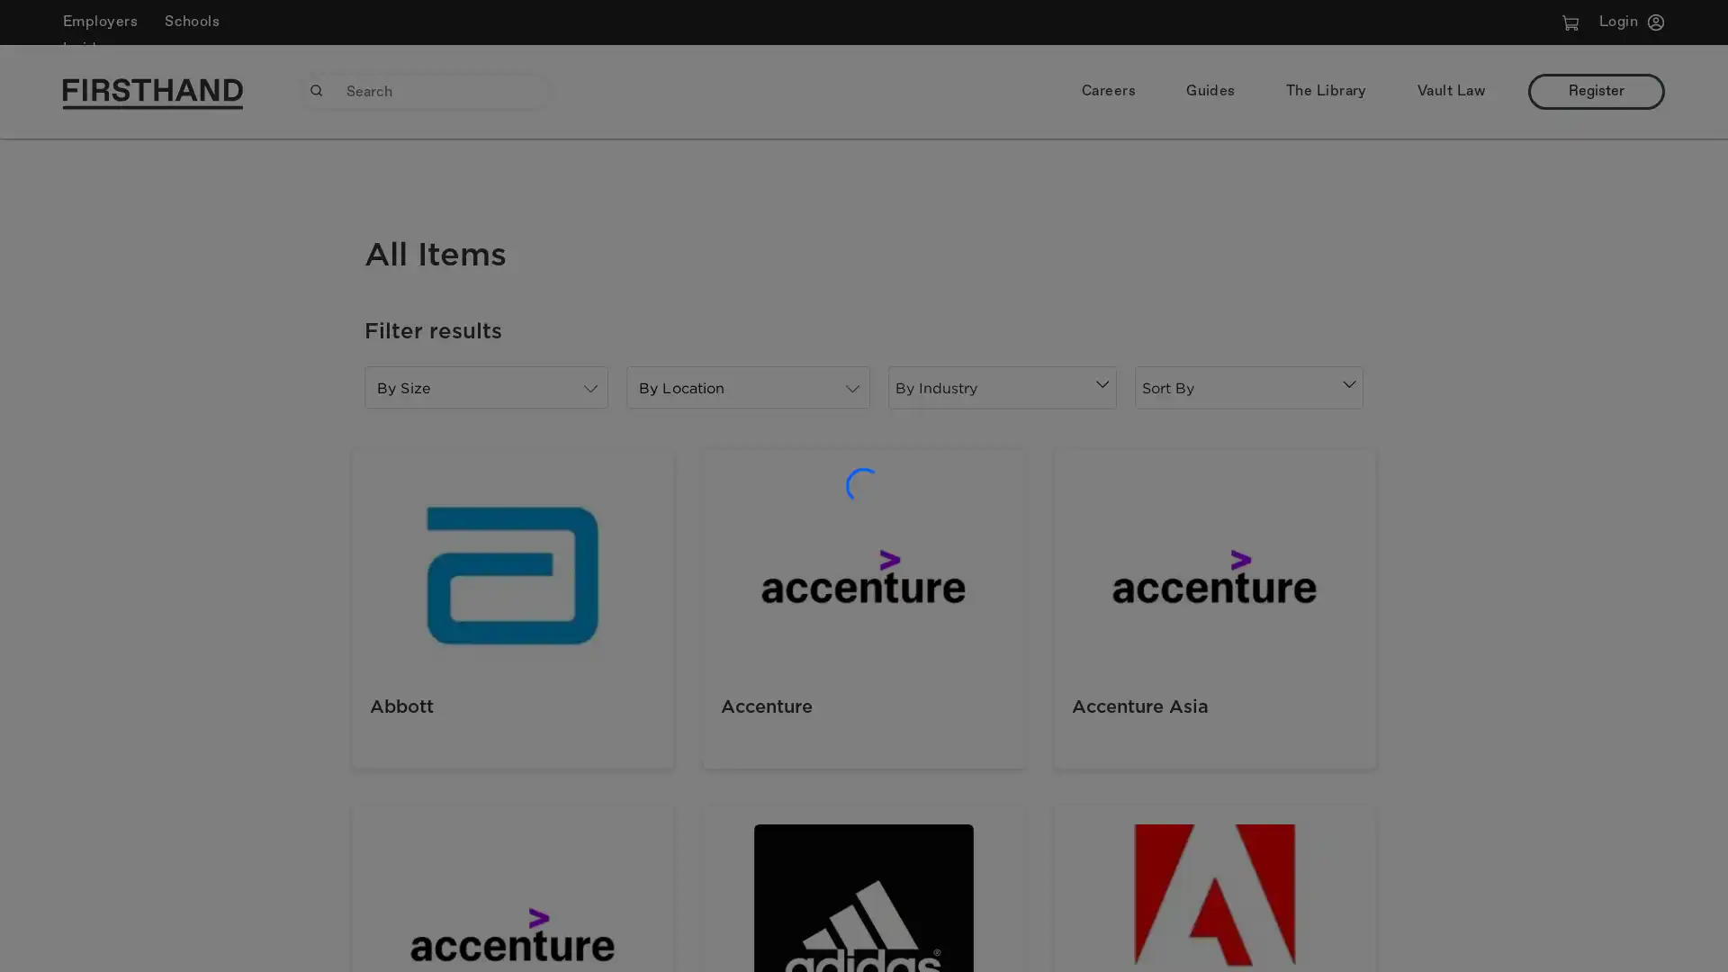  Describe the element at coordinates (1247, 385) in the screenshot. I see `Sort By` at that location.